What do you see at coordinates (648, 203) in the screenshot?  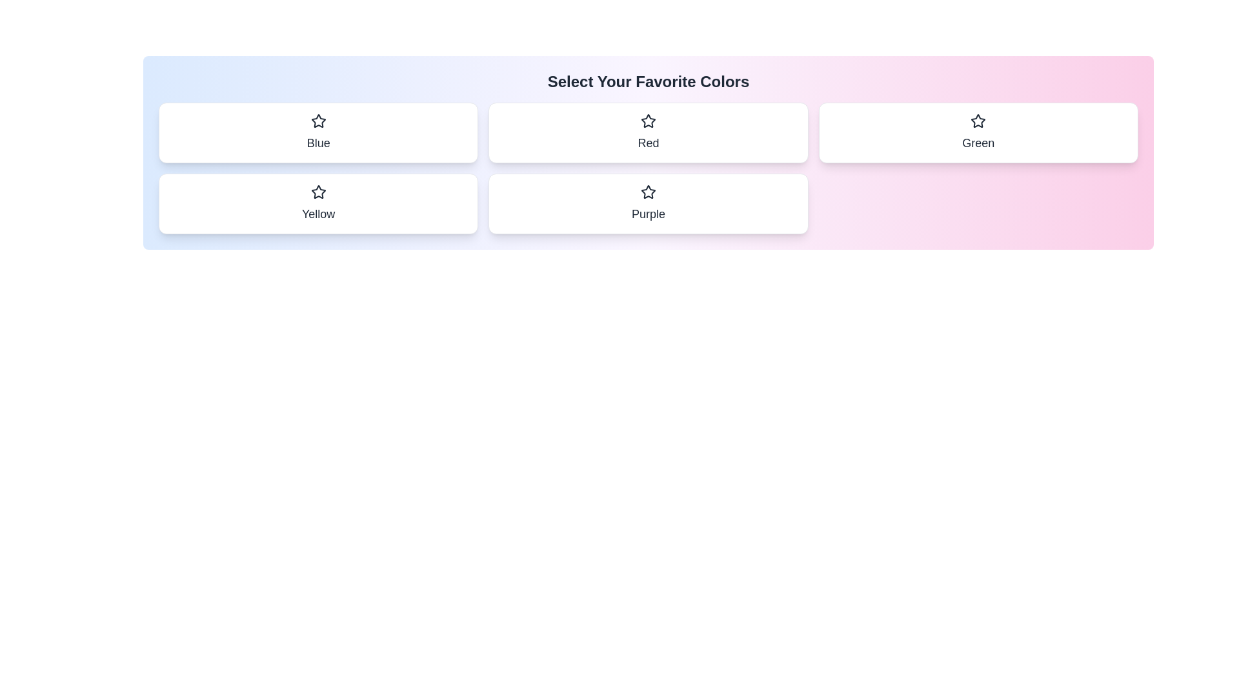 I see `the color chip labeled Purple` at bounding box center [648, 203].